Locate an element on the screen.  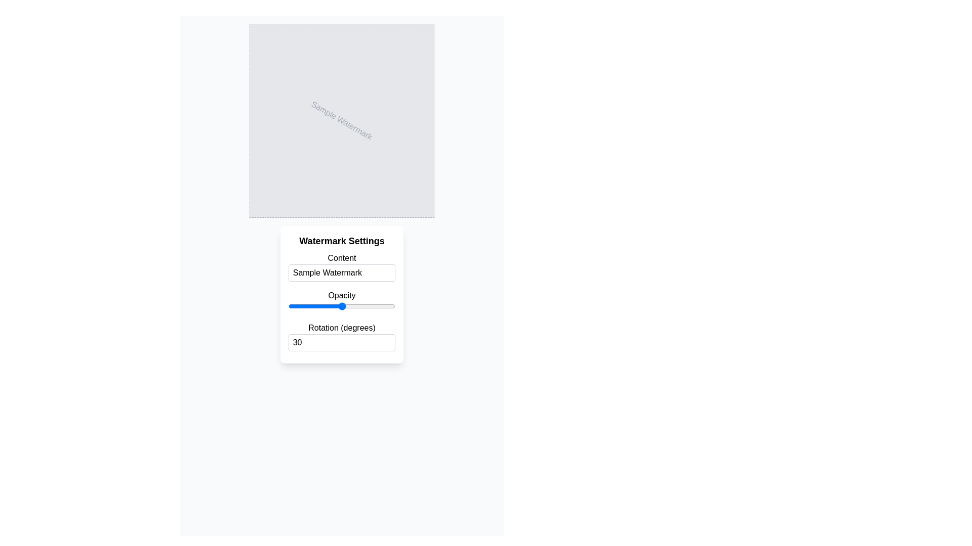
the text within the Text Input Field located directly below the 'Content' label in the 'Watermark Settings' section is located at coordinates (342, 273).